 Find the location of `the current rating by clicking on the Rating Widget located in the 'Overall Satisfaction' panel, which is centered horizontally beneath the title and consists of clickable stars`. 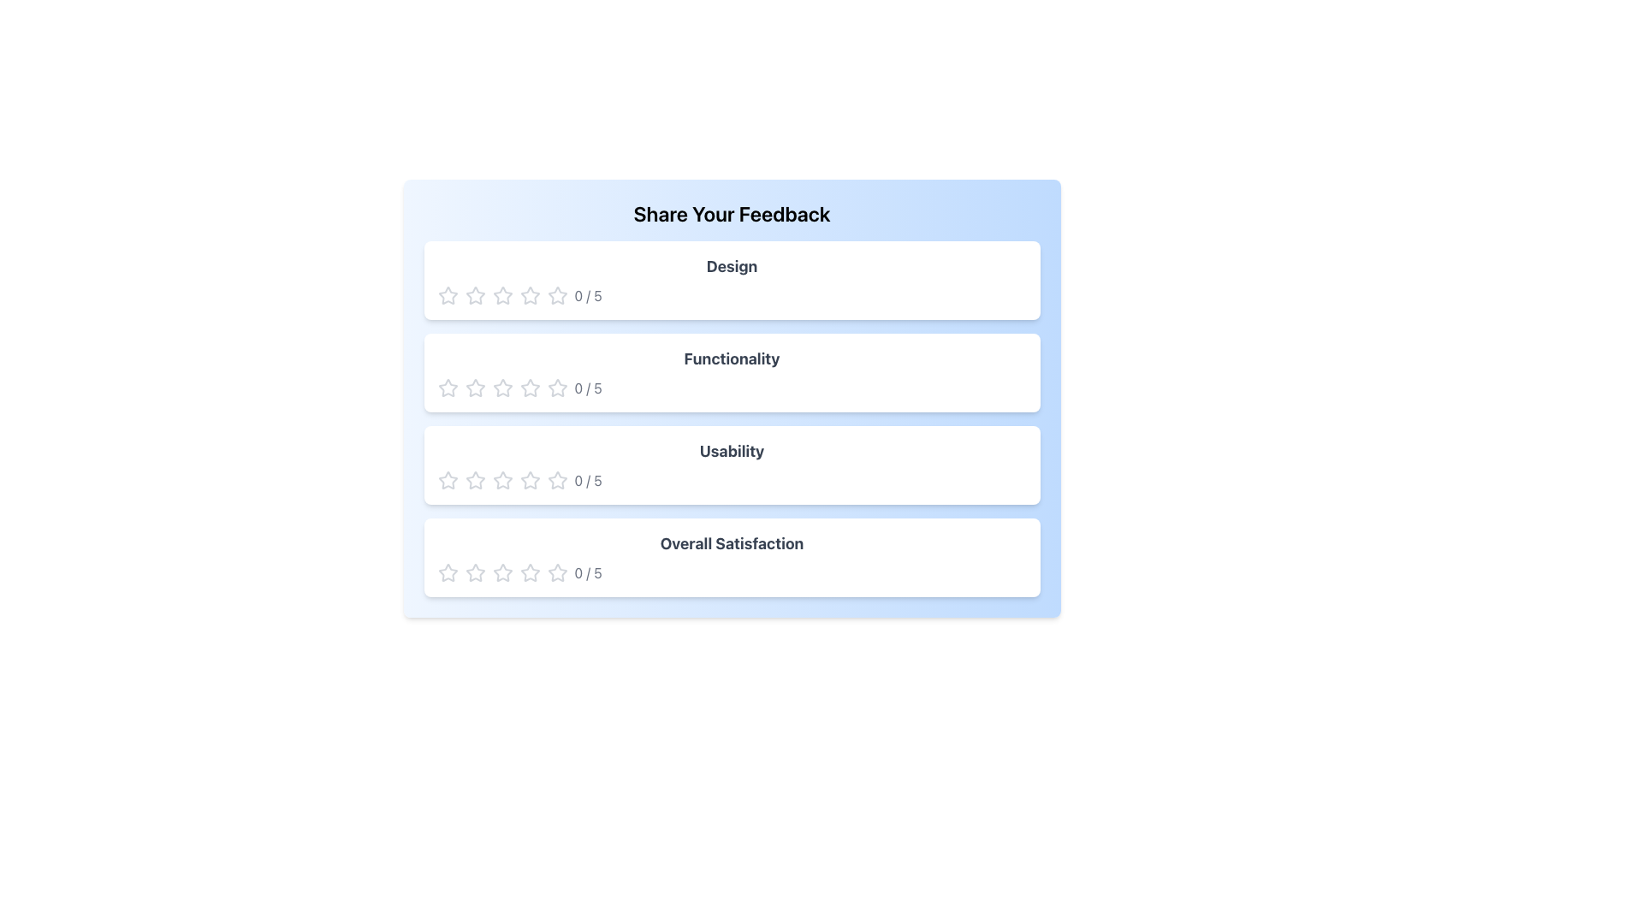

the current rating by clicking on the Rating Widget located in the 'Overall Satisfaction' panel, which is centered horizontally beneath the title and consists of clickable stars is located at coordinates (732, 573).